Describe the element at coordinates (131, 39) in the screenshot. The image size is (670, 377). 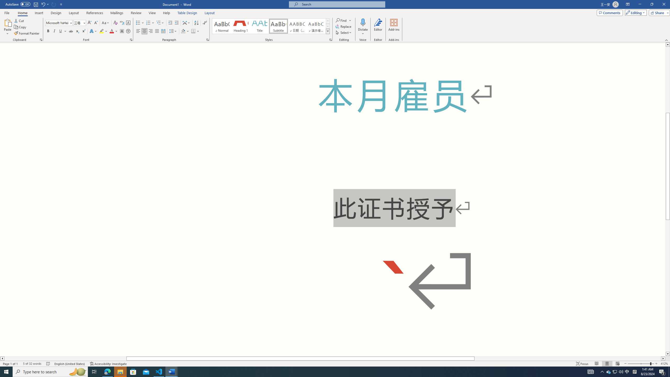
I see `'Font...'` at that location.